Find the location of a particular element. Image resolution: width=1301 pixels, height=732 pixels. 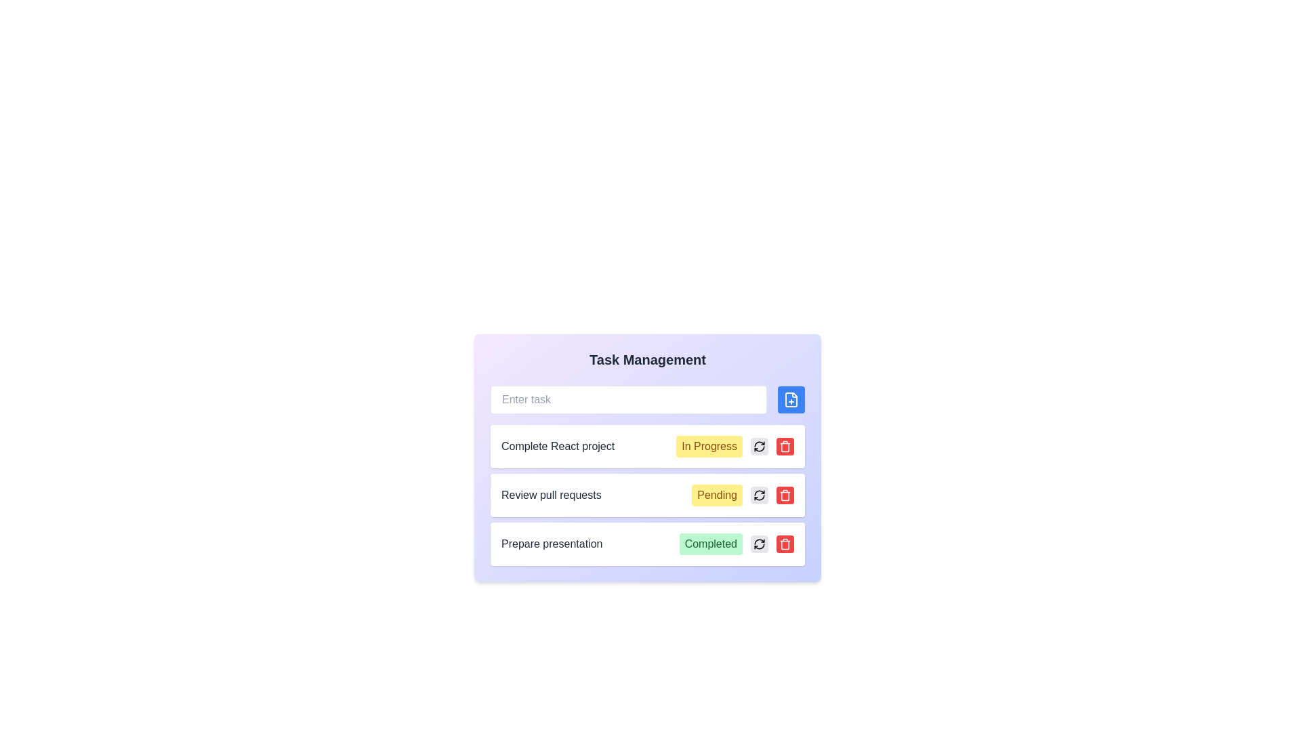

the status indicator label displaying 'Pending' for the task 'Review pull requests', which is centrally aligned in the task row between the main text and the icons is located at coordinates (716, 495).